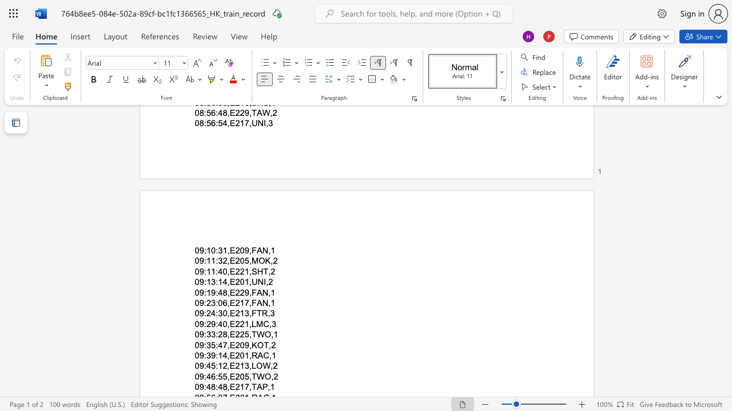  Describe the element at coordinates (204, 249) in the screenshot. I see `the subset text ":10:31,E209,F" within the text "09:10:31,E209,FAN,1"` at that location.